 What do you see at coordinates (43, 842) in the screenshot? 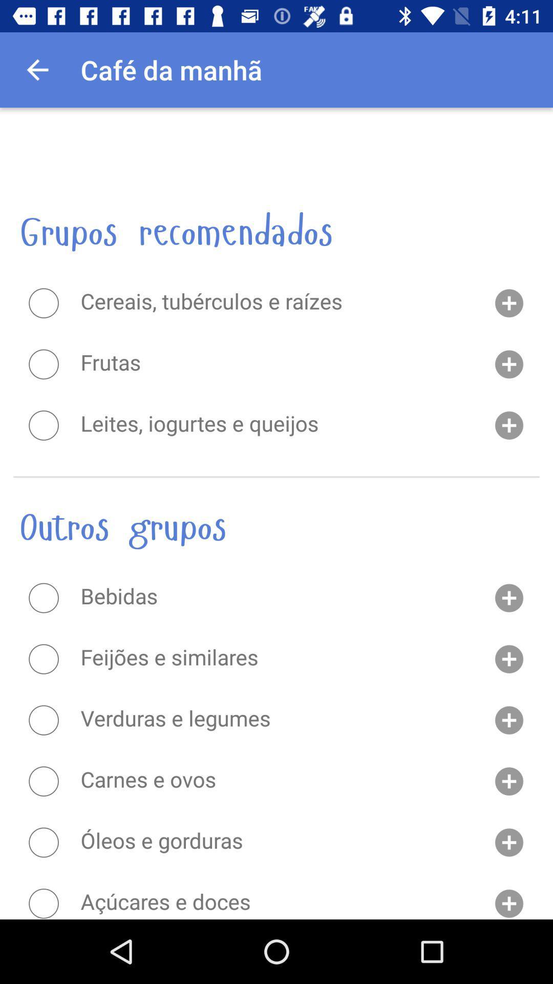
I see `selection box` at bounding box center [43, 842].